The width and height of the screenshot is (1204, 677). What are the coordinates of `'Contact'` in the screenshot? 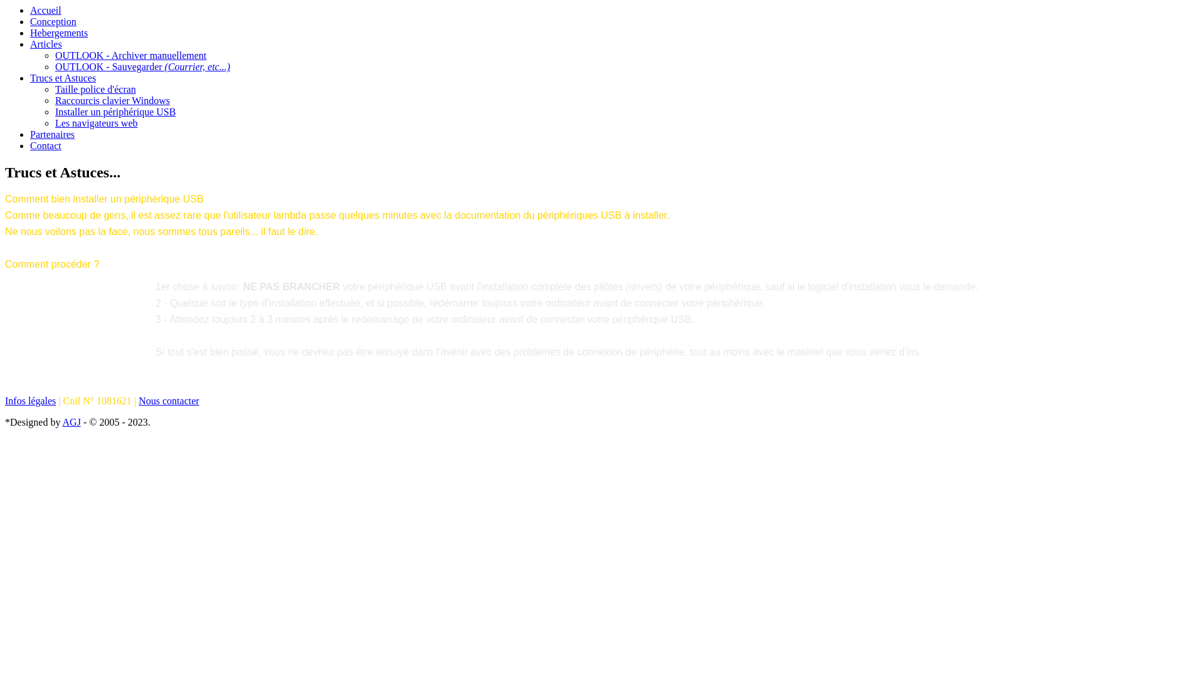 It's located at (45, 145).